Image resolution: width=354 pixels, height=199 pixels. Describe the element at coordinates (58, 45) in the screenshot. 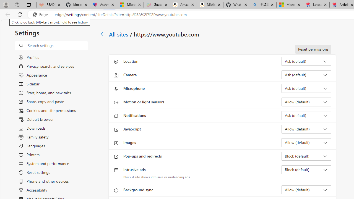

I see `'Search settings'` at that location.